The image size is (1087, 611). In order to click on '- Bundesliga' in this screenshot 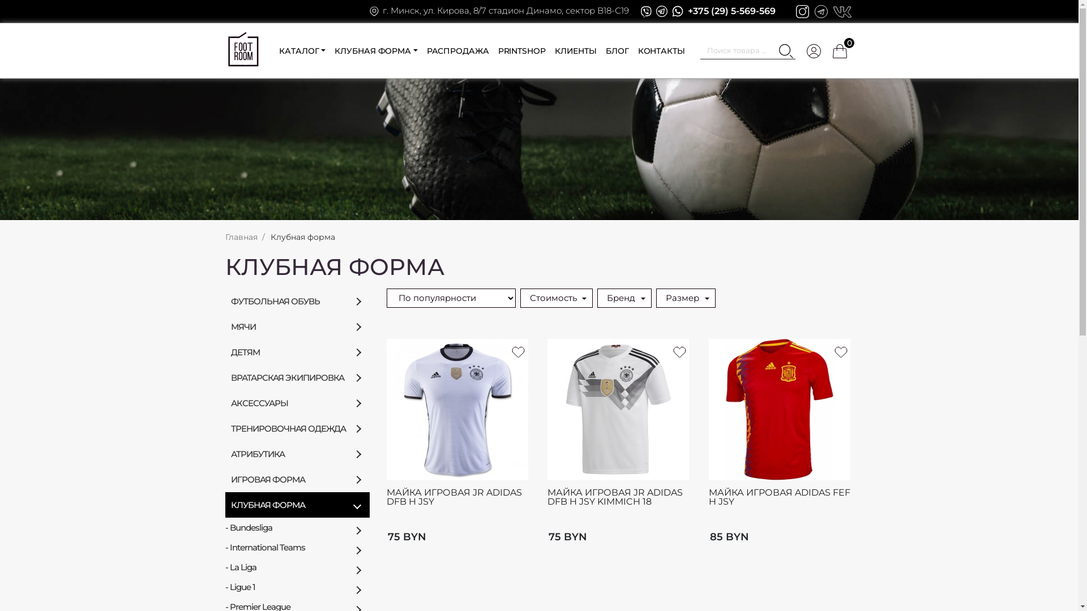, I will do `click(297, 527)`.